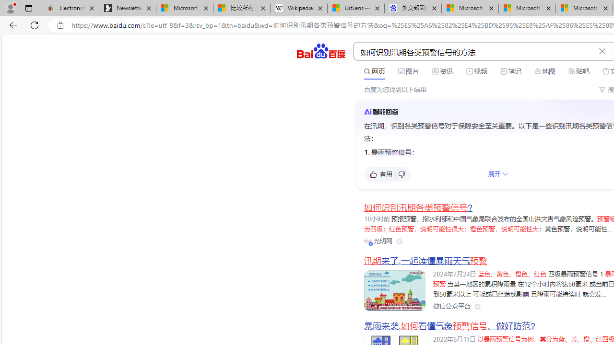  I want to click on 'Newsletter Sign Up', so click(127, 8).